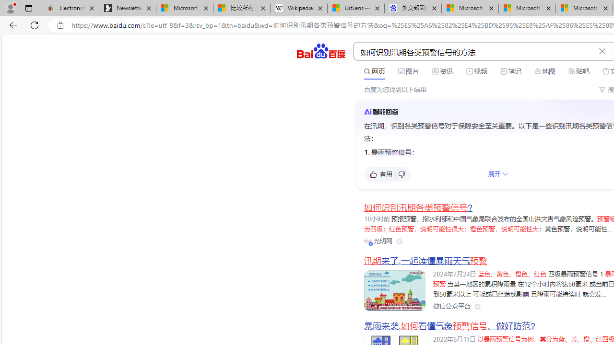  I want to click on 'Newsletter Sign Up', so click(127, 8).